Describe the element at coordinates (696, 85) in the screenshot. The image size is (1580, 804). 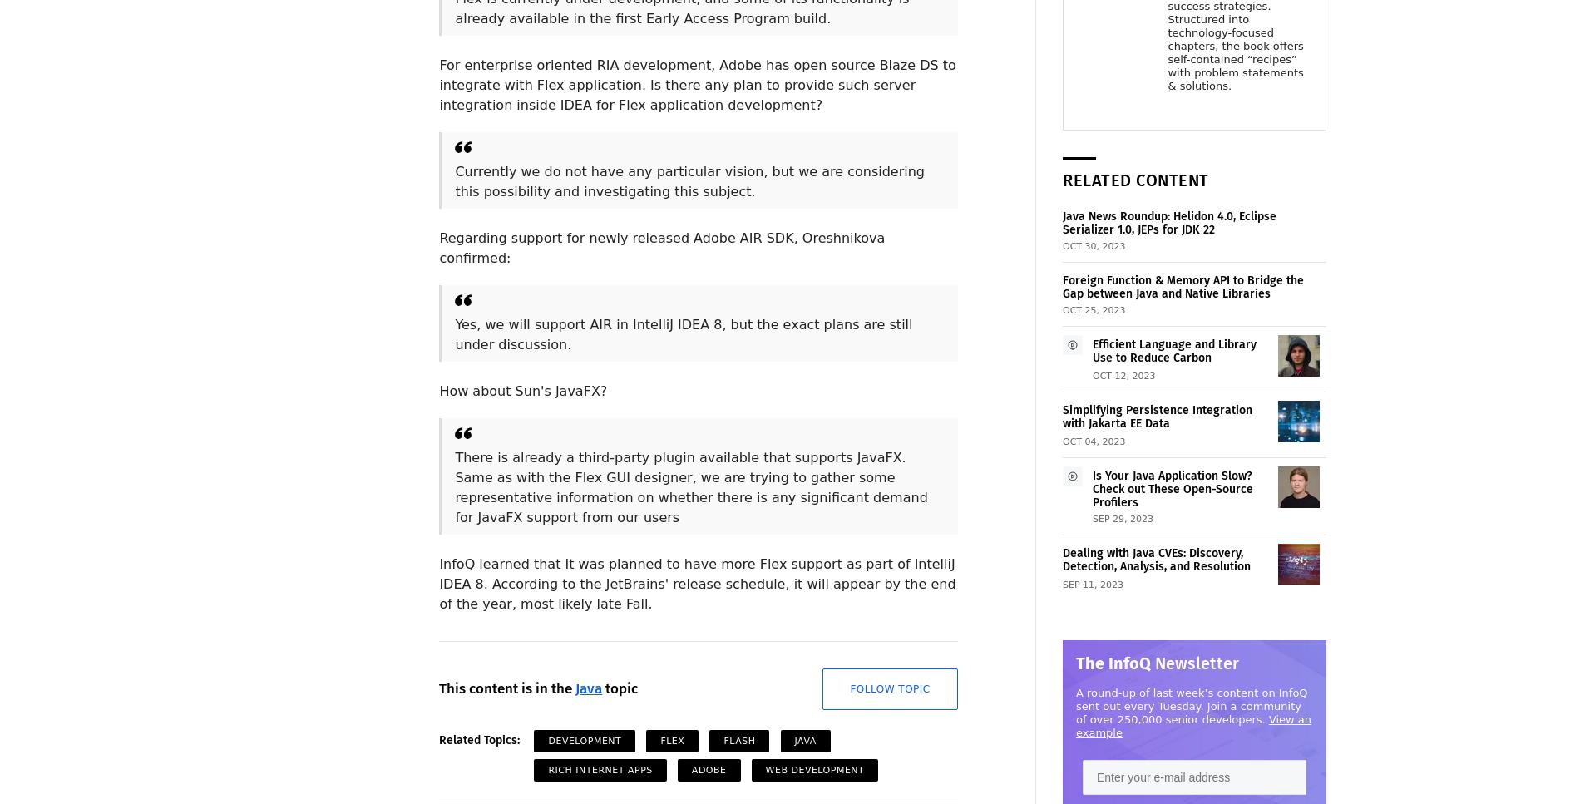
I see `'For enterprise oriented RIA development, Adobe has open source Blaze DS to integrate with Flex application. Is there any plan to provide such server integration inside IDEA for Flex application development?'` at that location.